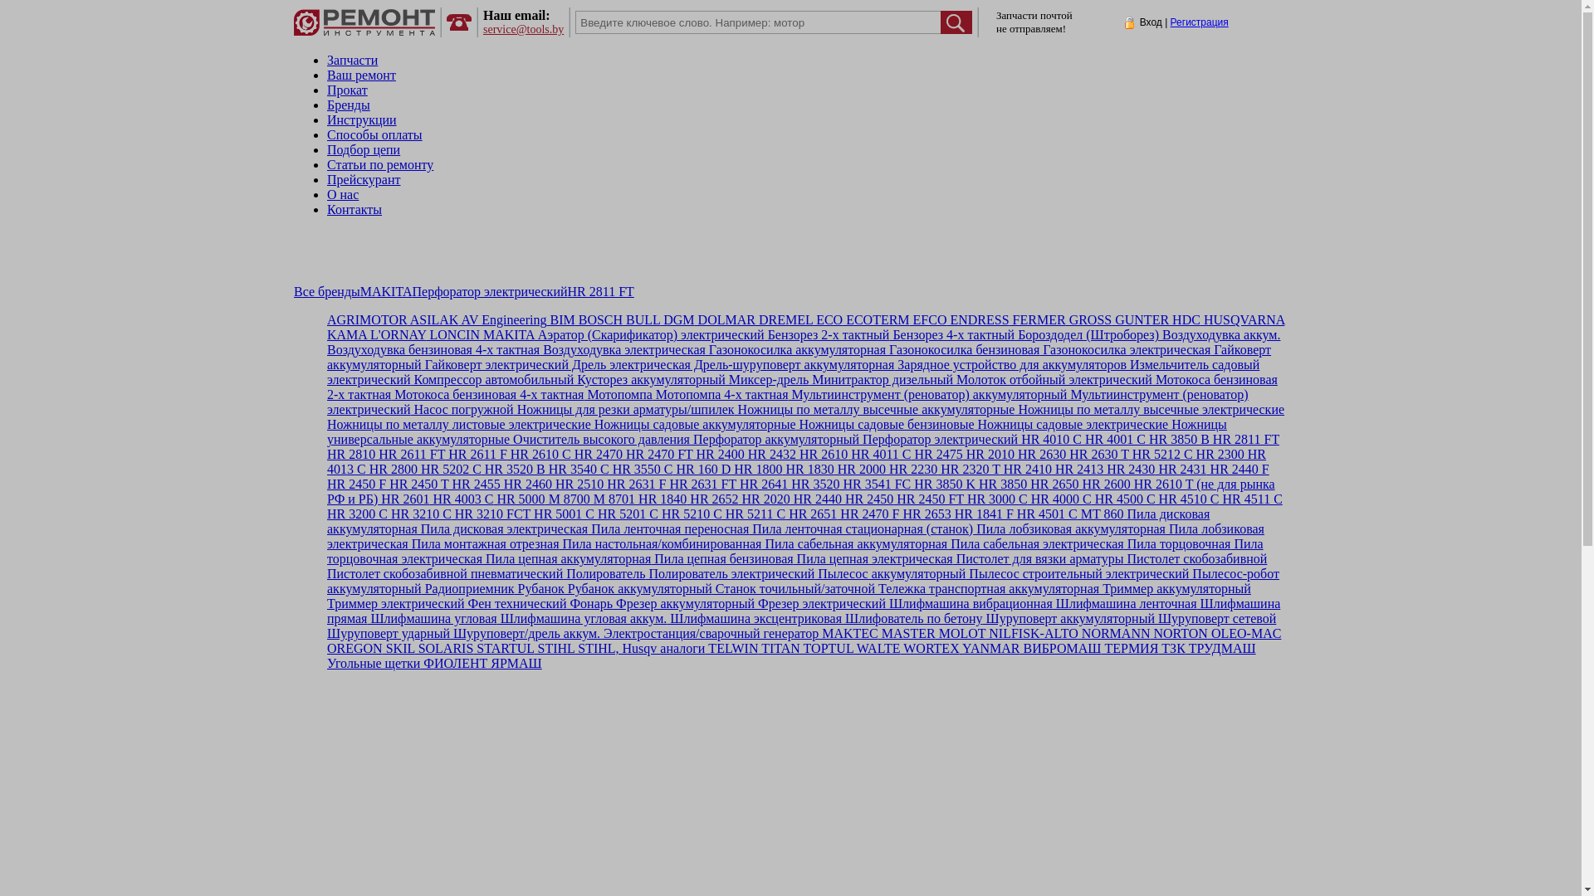 The height and width of the screenshot is (896, 1594). I want to click on 'HR 3541 FC', so click(874, 484).